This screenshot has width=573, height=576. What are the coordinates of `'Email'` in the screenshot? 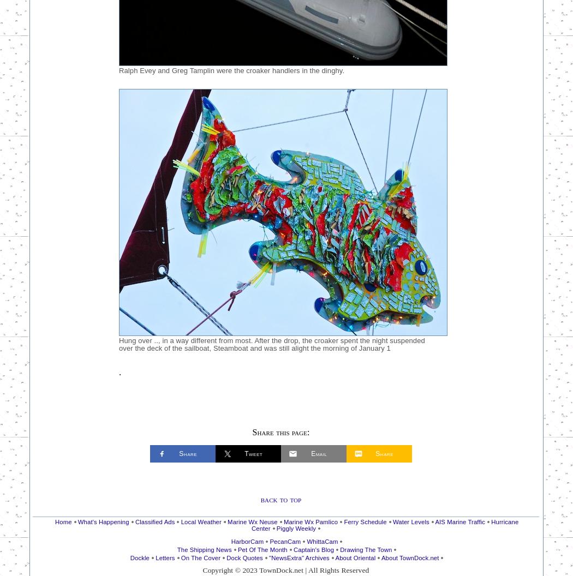 It's located at (318, 453).